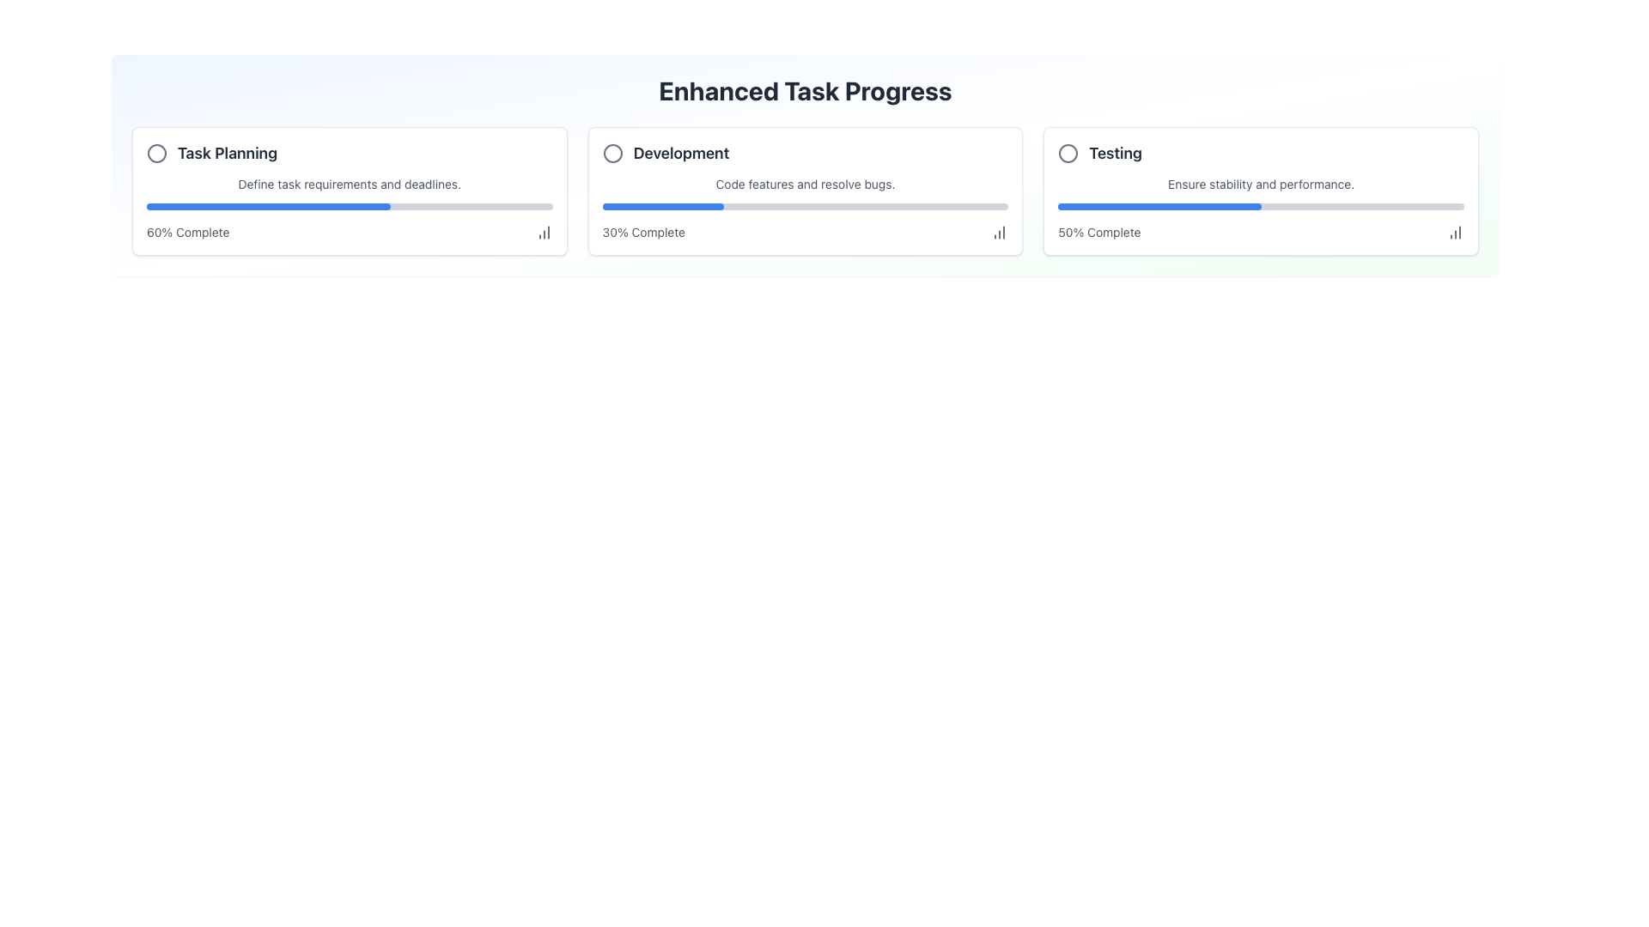 The image size is (1649, 927). I want to click on the text label displaying 'Development', which is located in the middle tile of three horizontally aligned tiles, positioned to the right of a circular icon, so click(680, 152).